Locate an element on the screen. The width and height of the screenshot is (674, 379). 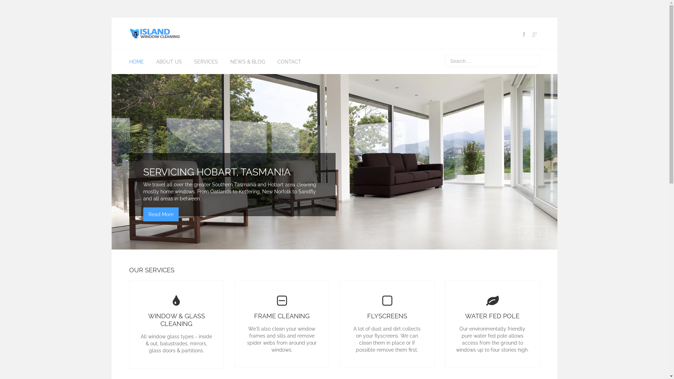
'Read More' is located at coordinates (160, 214).